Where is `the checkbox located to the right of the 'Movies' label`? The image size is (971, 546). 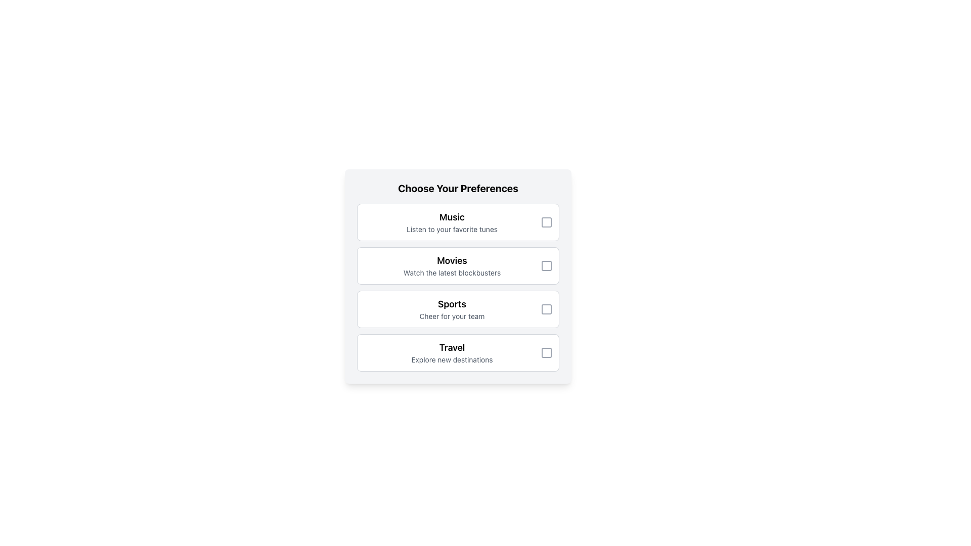
the checkbox located to the right of the 'Movies' label is located at coordinates (546, 265).